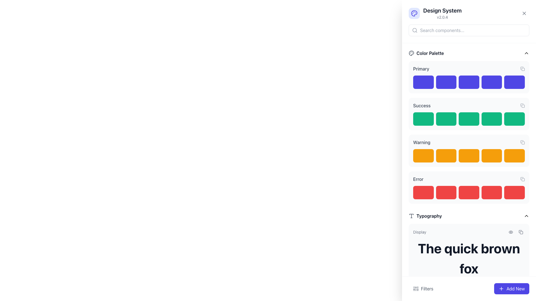 The image size is (536, 301). I want to click on the third rounded rectangular block, so click(469, 156).